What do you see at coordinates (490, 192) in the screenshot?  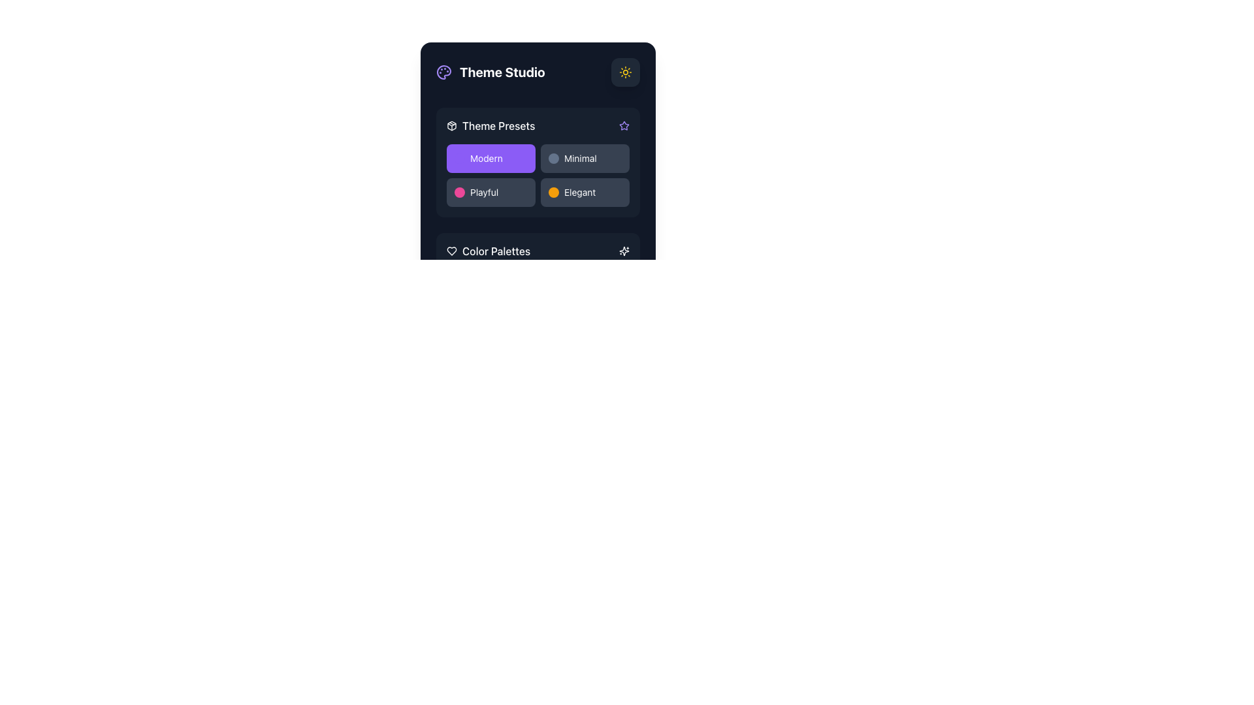 I see `the 'Playful' button, which is the third item in the grid of theme preset options, located on the left side of the second row beneath the 'Modern' button` at bounding box center [490, 192].